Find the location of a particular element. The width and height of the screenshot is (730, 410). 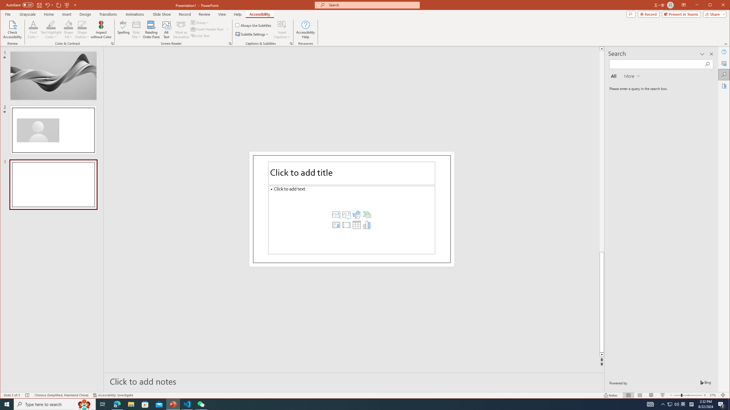

'Maximize' is located at coordinates (718, 5).